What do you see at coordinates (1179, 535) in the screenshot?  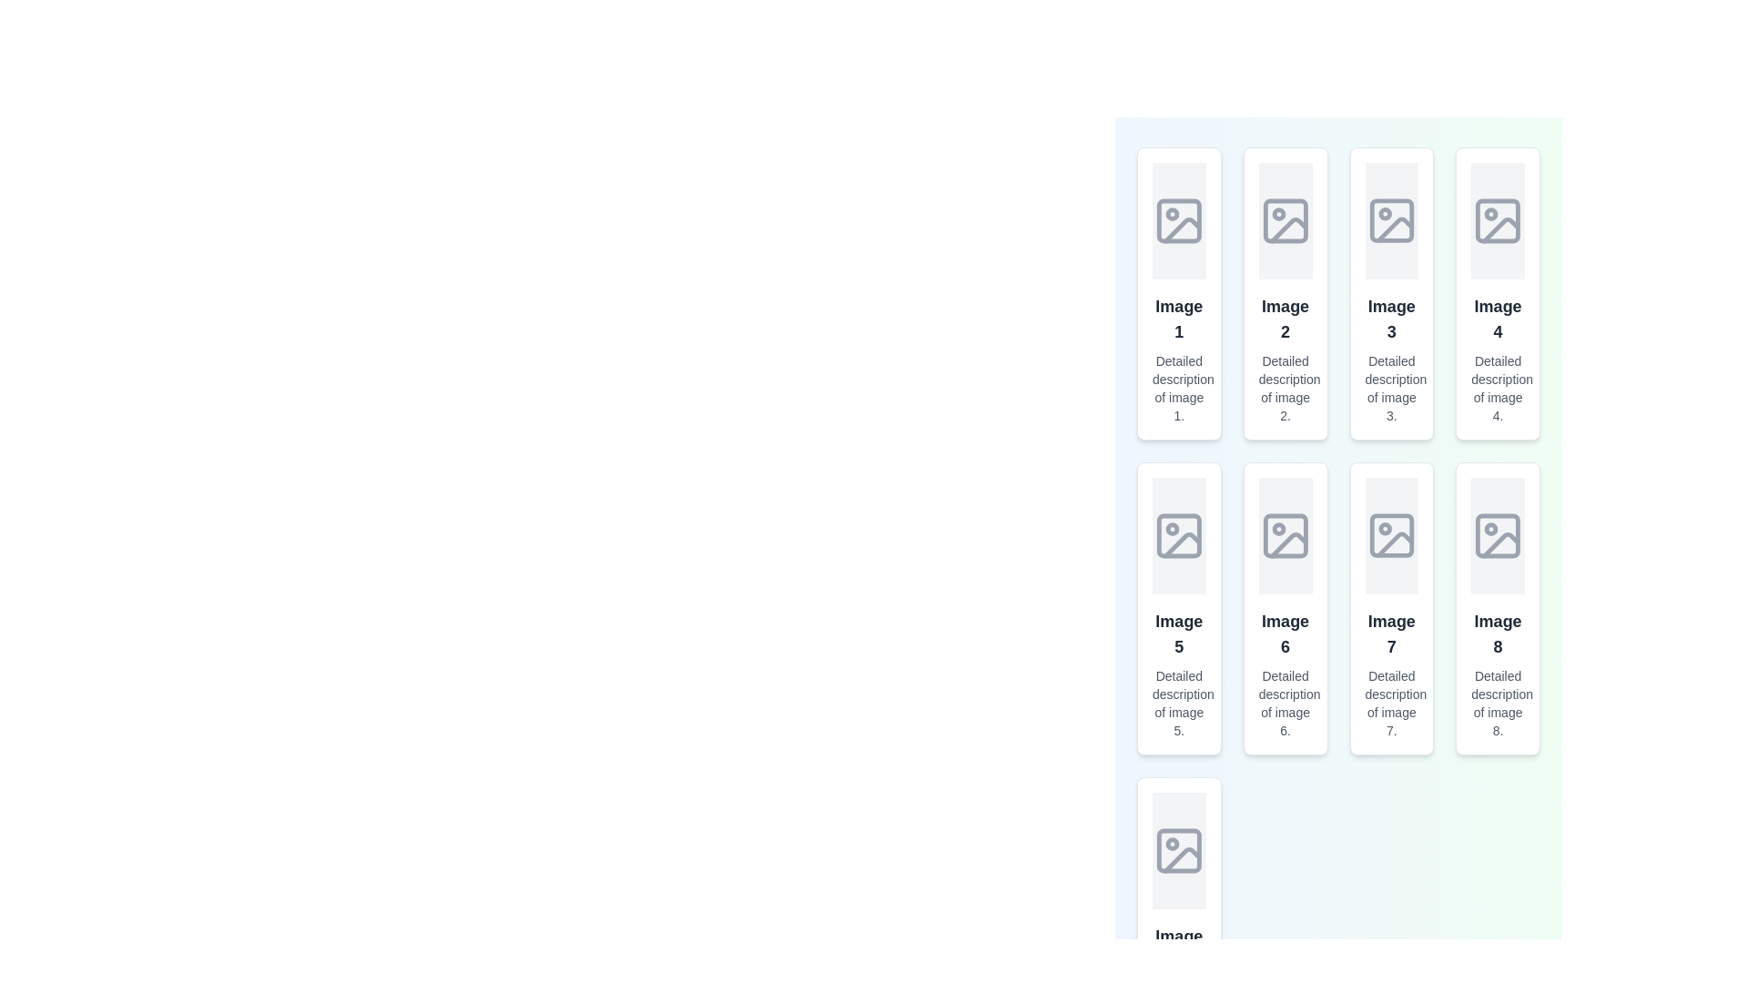 I see `image placeholder icon located in the first column and fifth row of the interface, which visually indicates the presence of an image placeholder` at bounding box center [1179, 535].